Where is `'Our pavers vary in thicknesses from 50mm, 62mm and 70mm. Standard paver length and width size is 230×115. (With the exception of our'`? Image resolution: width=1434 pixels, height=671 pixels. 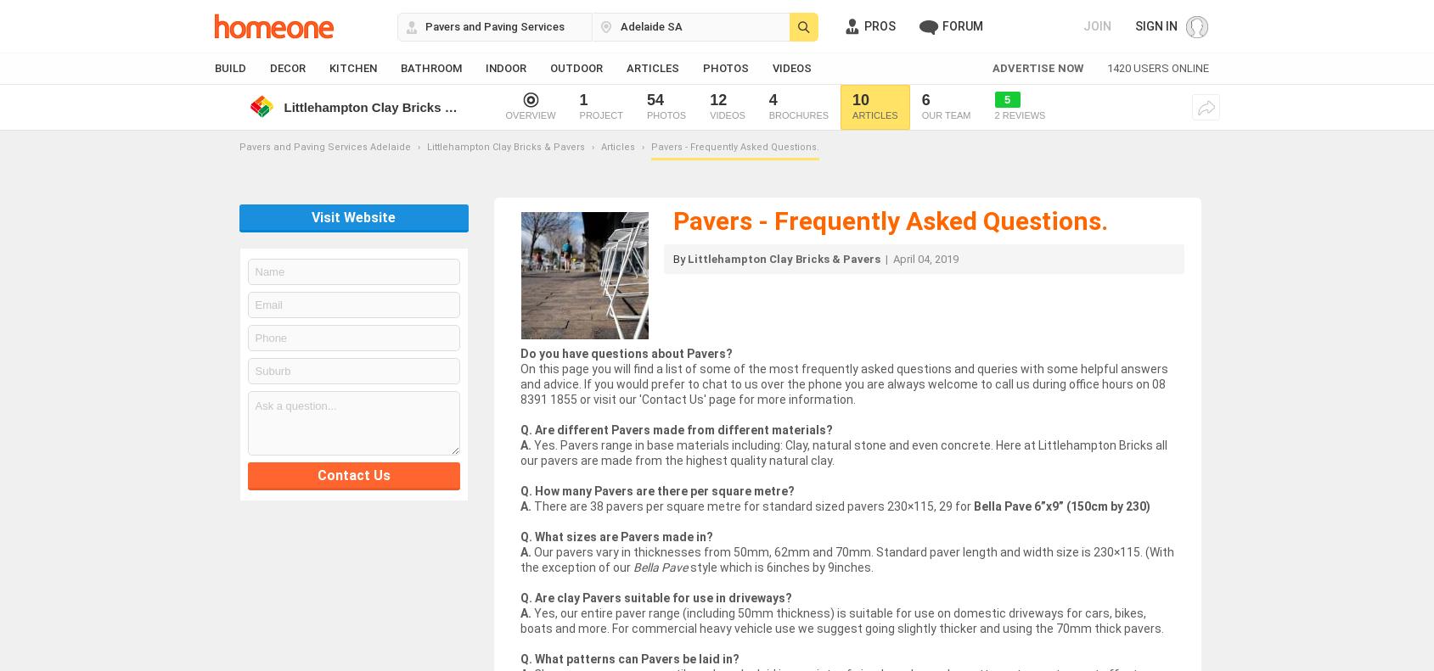 'Our pavers vary in thicknesses from 50mm, 62mm and 70mm. Standard paver length and width size is 230×115. (With the exception of our' is located at coordinates (846, 560).